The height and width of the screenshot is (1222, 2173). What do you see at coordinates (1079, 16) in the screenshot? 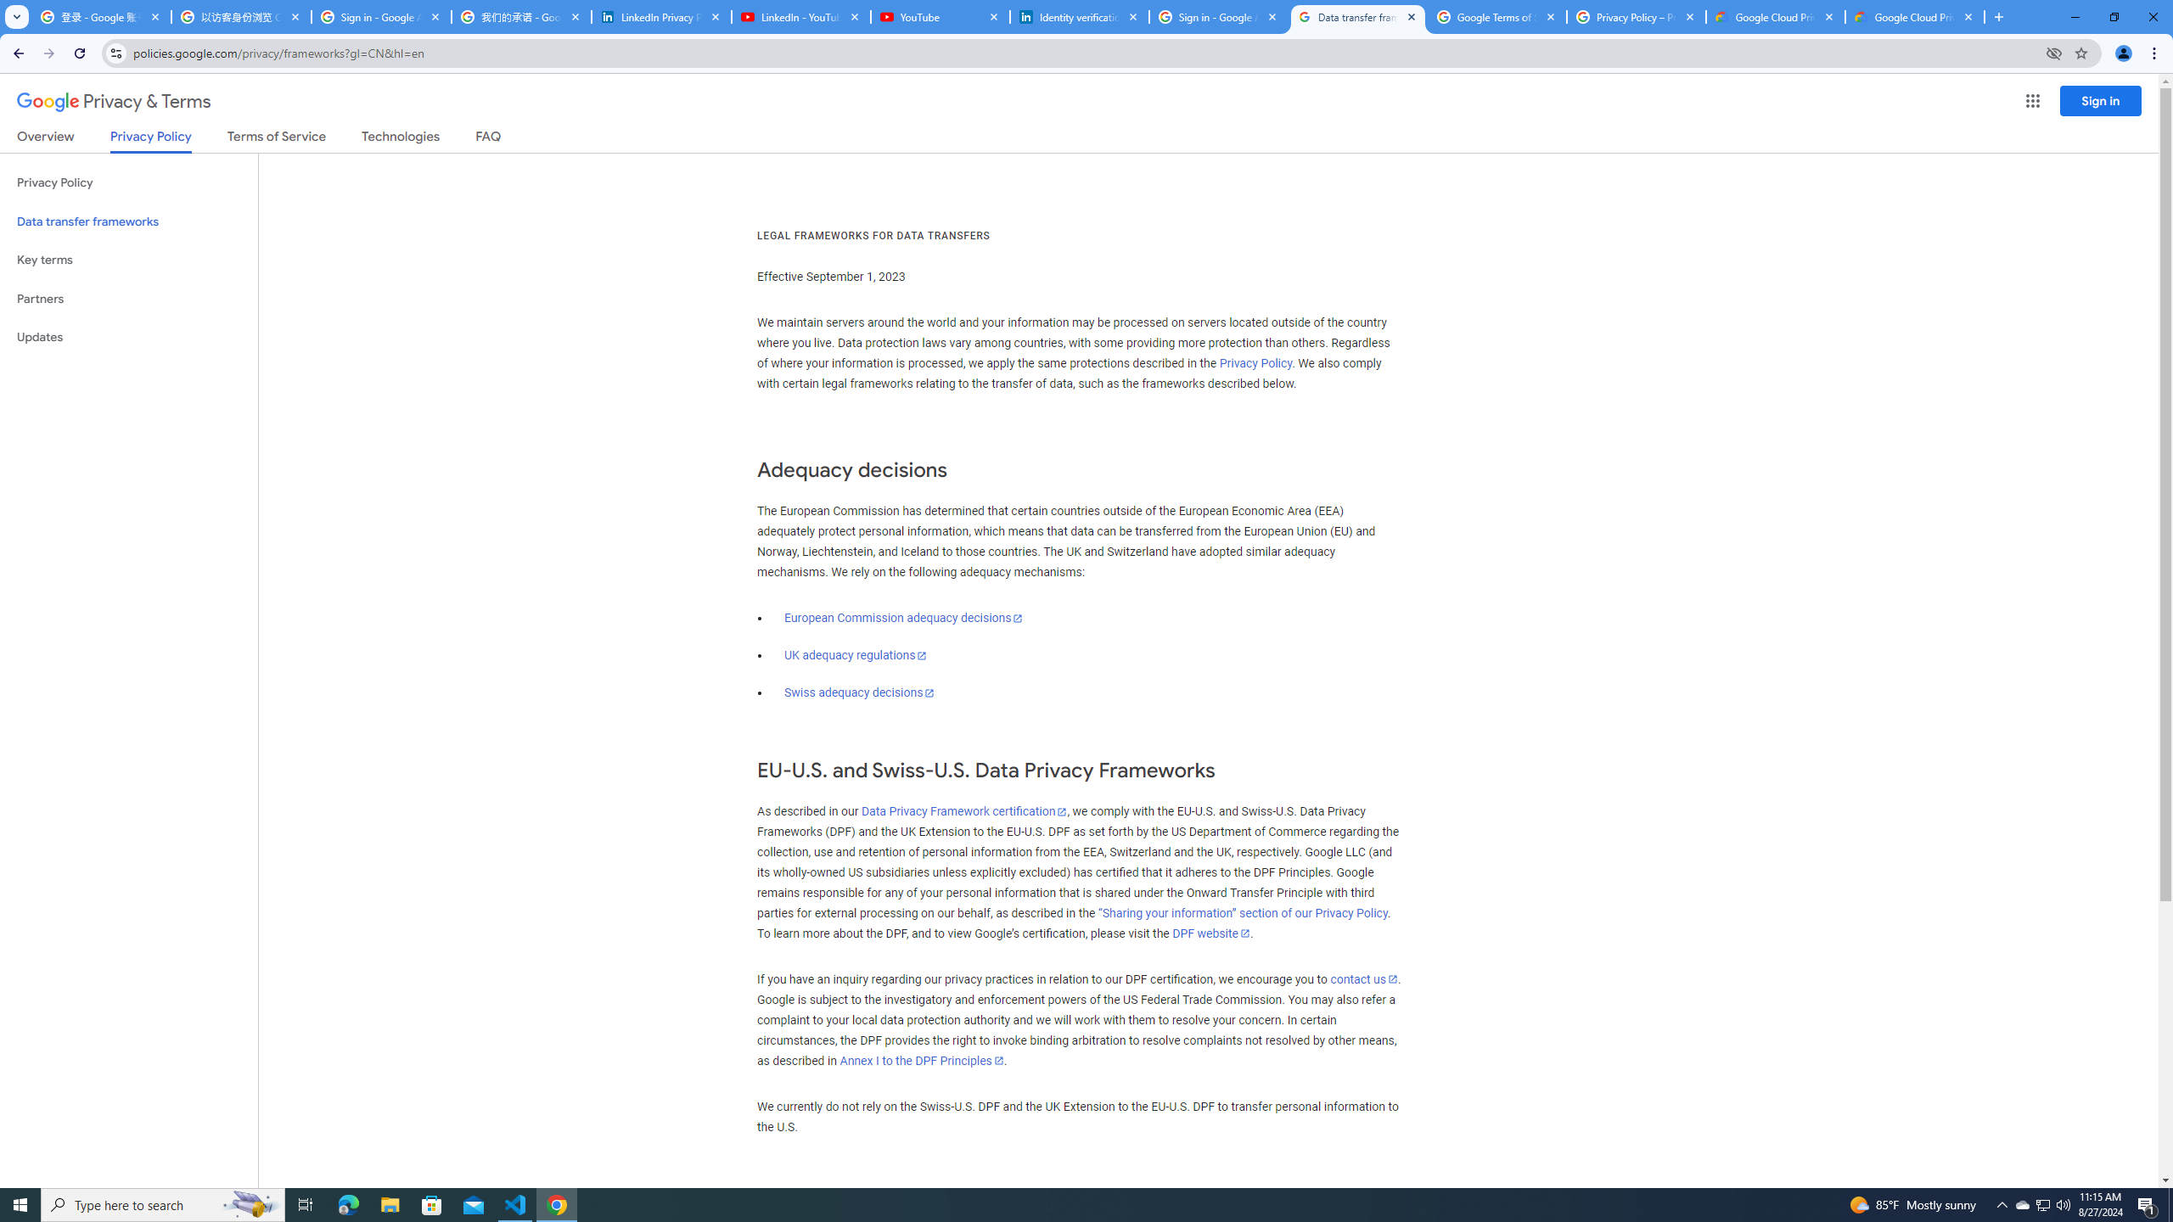
I see `'Identity verification via Persona | LinkedIn Help'` at bounding box center [1079, 16].